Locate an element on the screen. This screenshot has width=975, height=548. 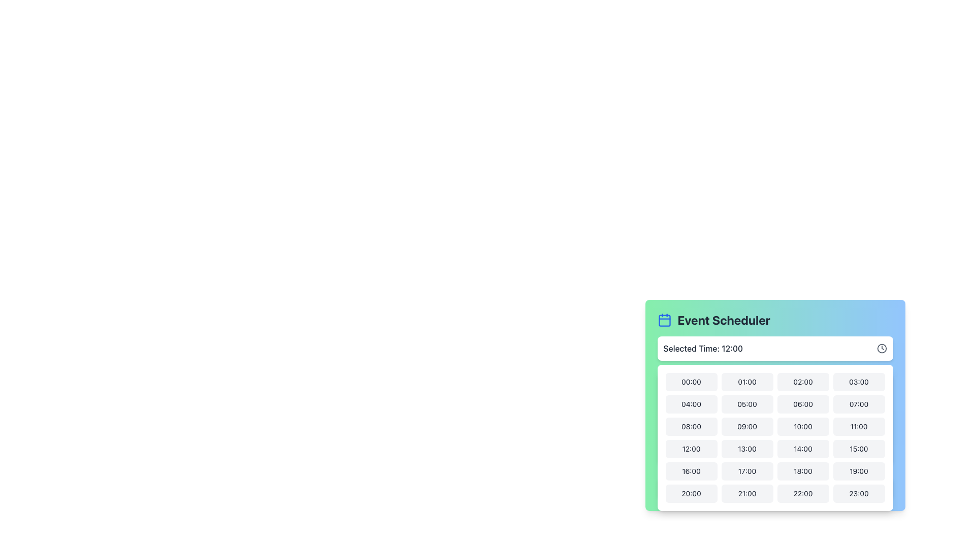
the time slot selector button for '13:00' in the Event Scheduler dialog box is located at coordinates (747, 448).